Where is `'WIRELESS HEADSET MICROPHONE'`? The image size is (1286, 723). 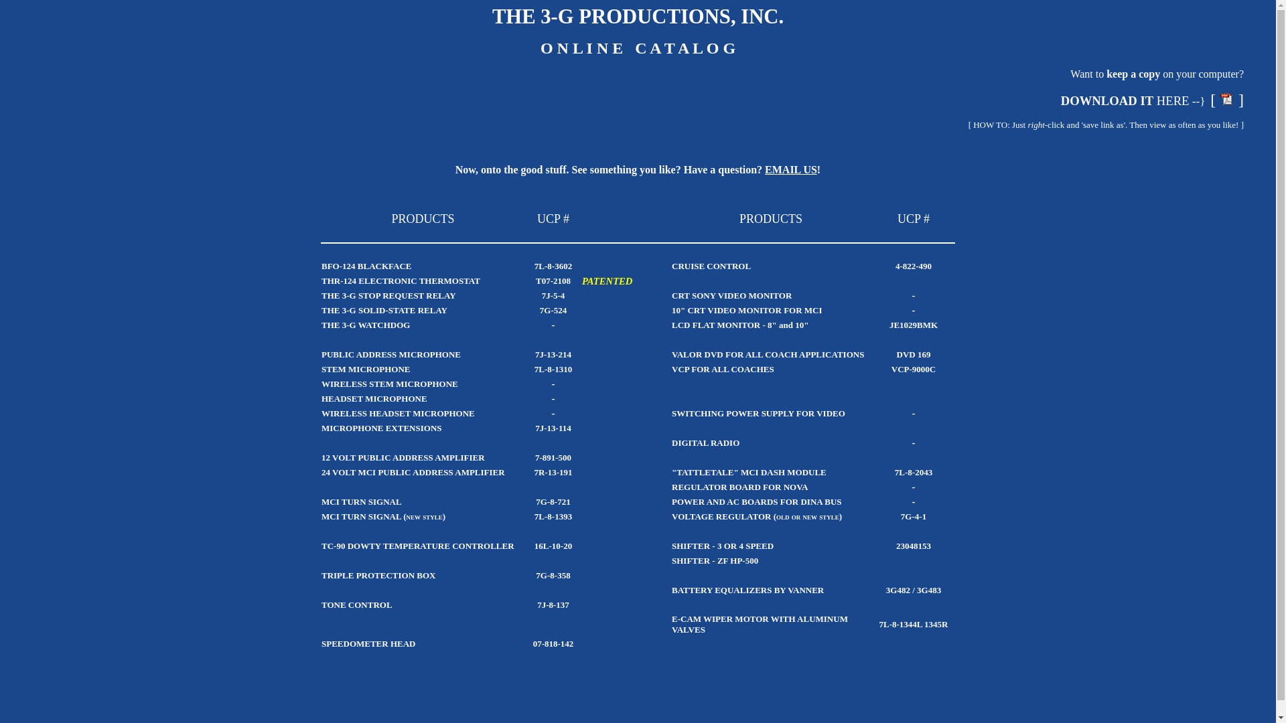
'WIRELESS HEADSET MICROPHONE' is located at coordinates (397, 412).